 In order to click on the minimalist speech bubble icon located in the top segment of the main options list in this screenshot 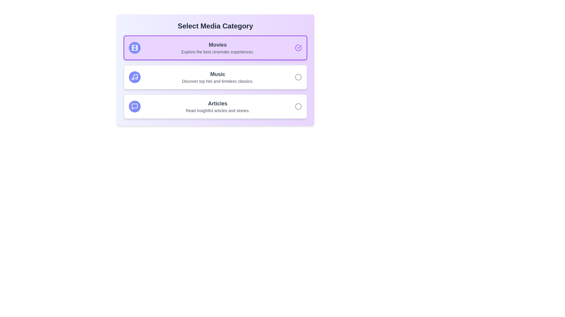, I will do `click(134, 106)`.